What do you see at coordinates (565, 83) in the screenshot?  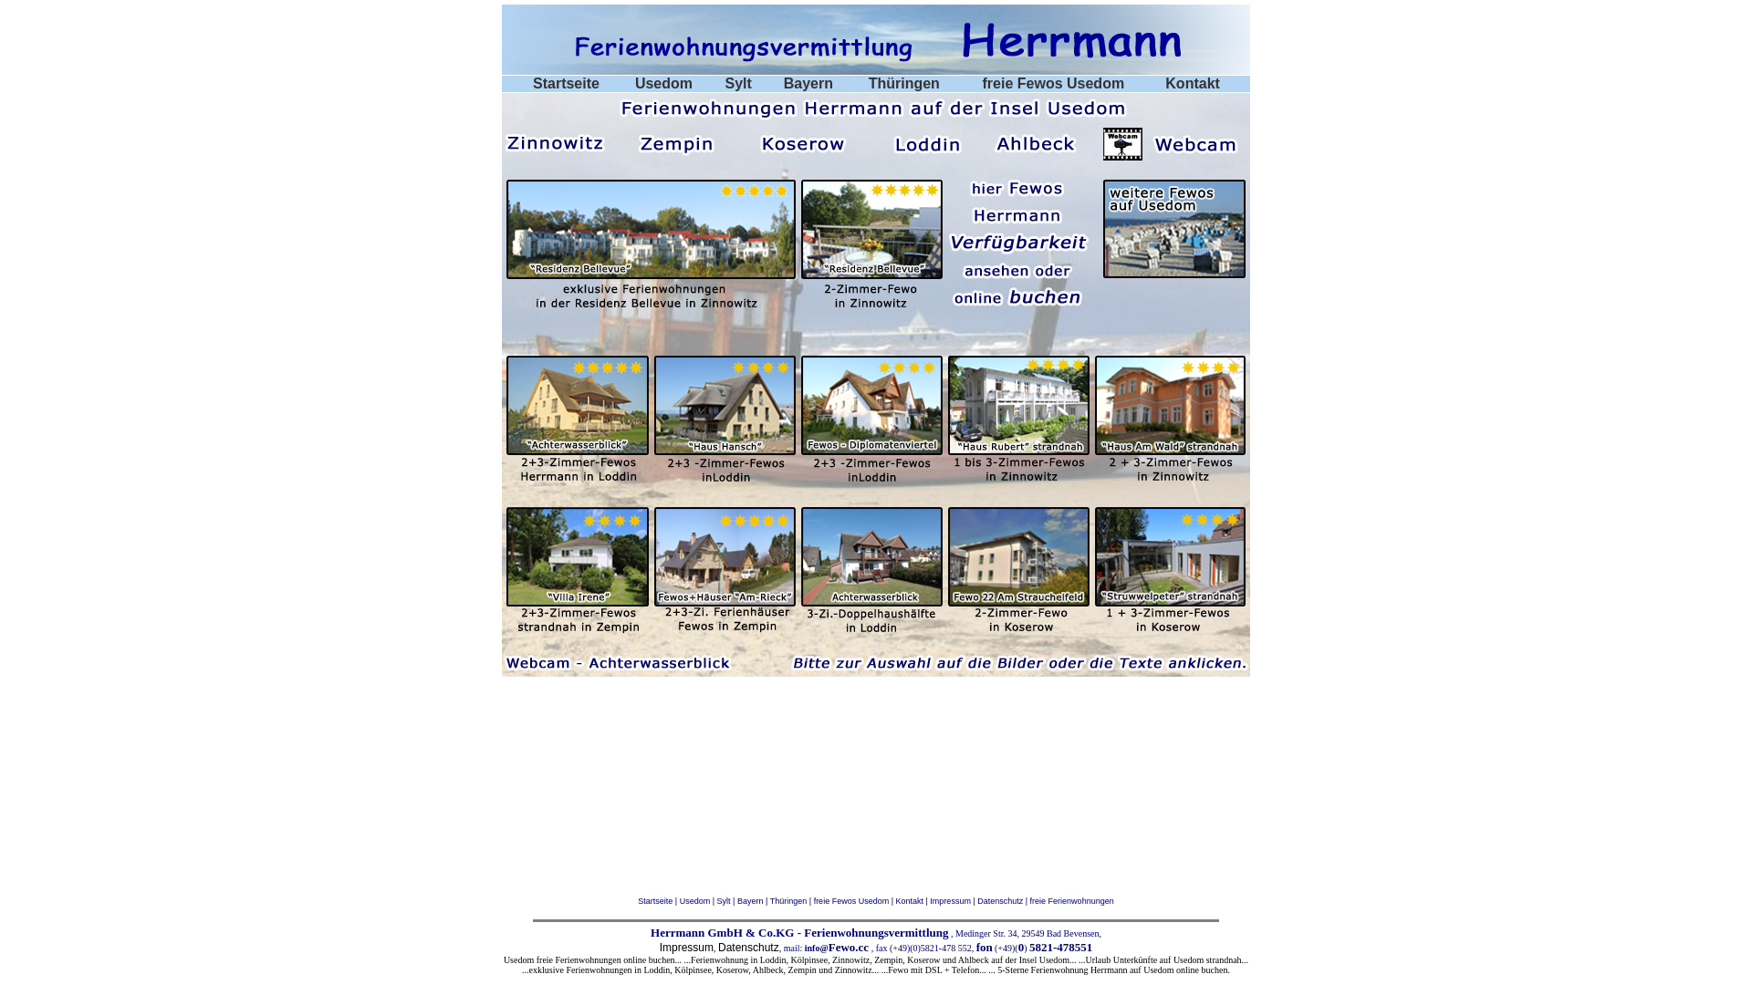 I see `'Startseite'` at bounding box center [565, 83].